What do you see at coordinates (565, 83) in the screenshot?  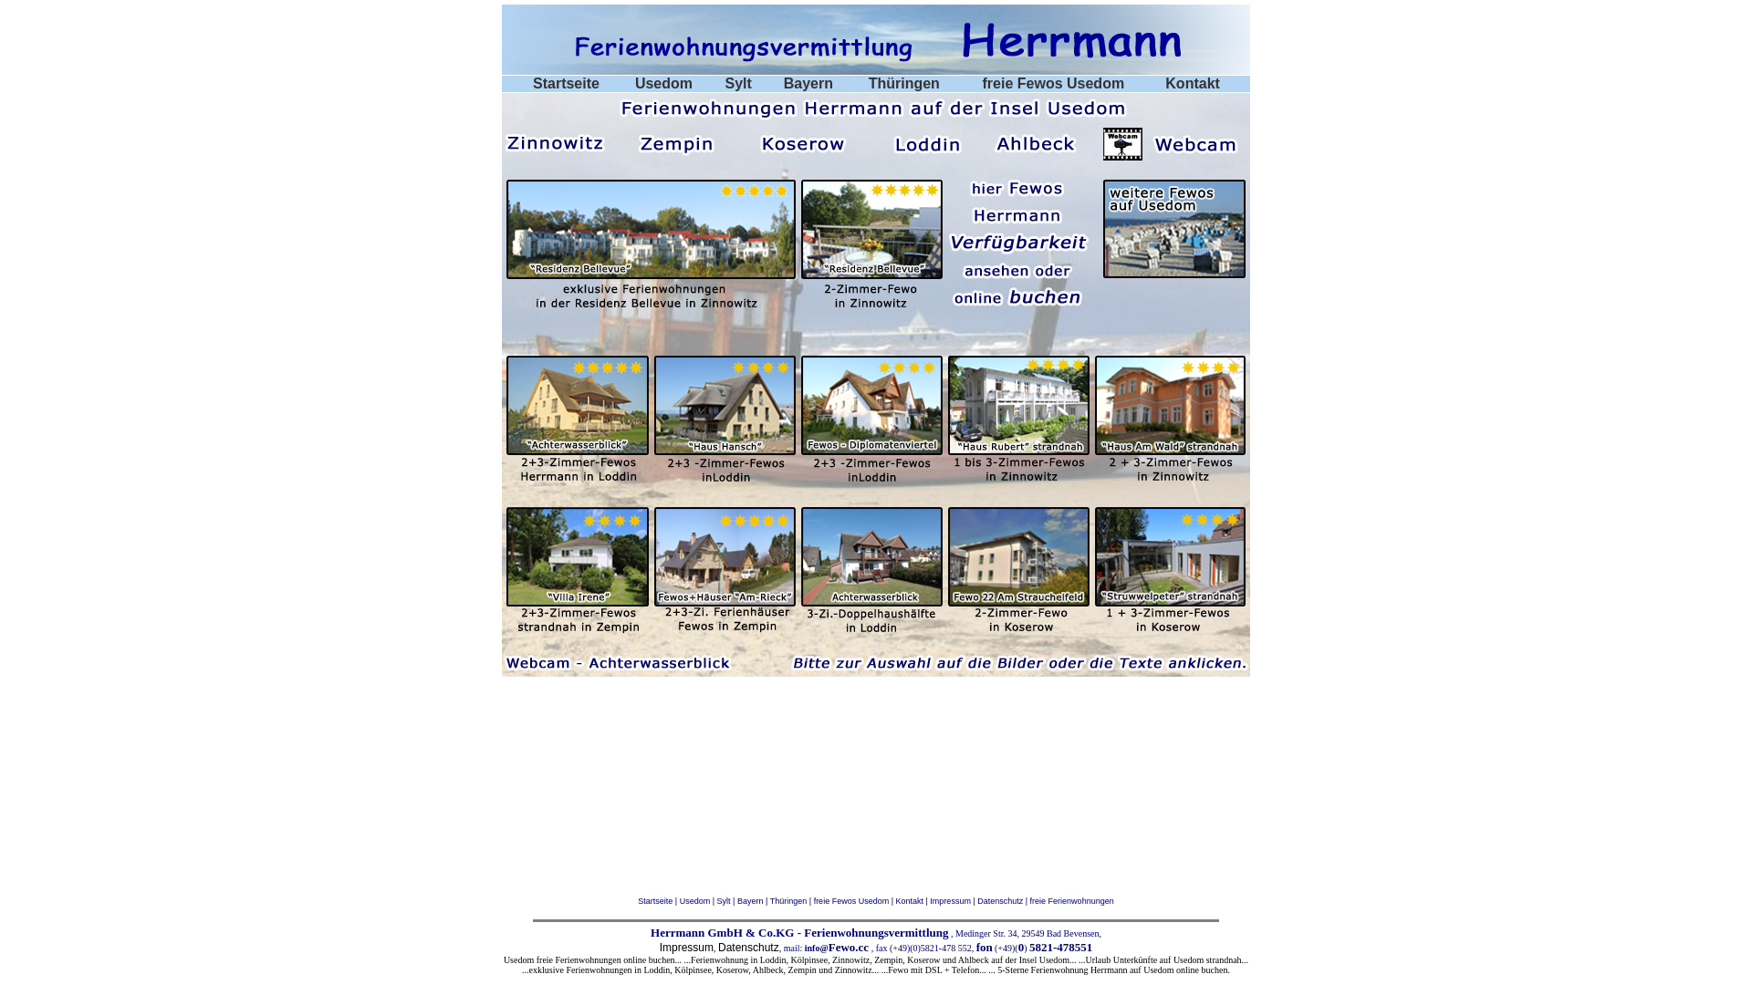 I see `'Startseite'` at bounding box center [565, 83].